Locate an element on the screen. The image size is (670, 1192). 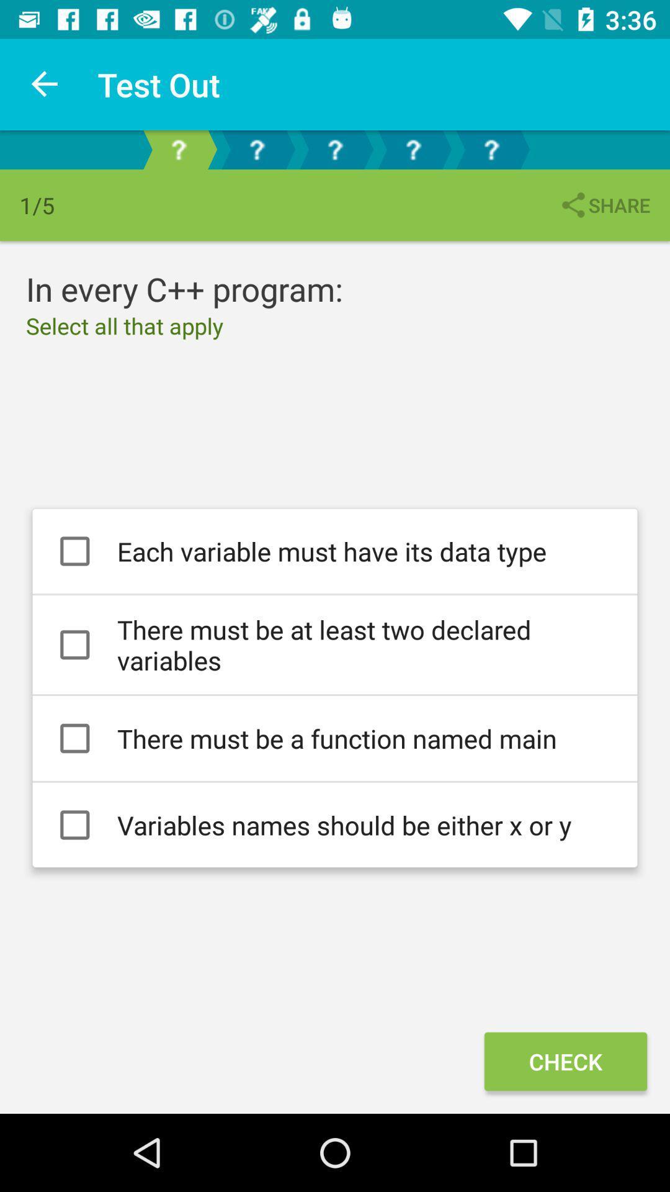
the icon at the bottom right corner is located at coordinates (565, 1060).